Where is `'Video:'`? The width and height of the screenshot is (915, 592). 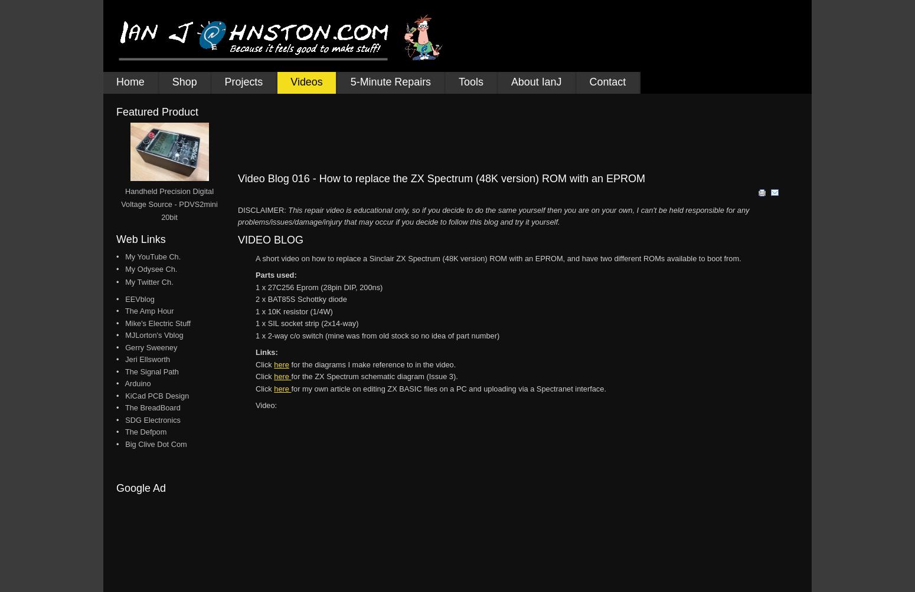 'Video:' is located at coordinates (266, 404).